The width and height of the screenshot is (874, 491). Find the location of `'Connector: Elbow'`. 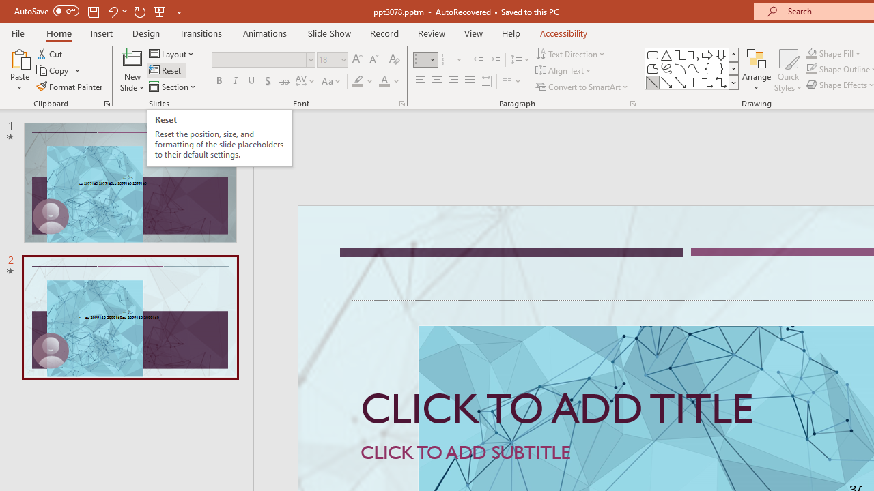

'Connector: Elbow' is located at coordinates (694, 82).